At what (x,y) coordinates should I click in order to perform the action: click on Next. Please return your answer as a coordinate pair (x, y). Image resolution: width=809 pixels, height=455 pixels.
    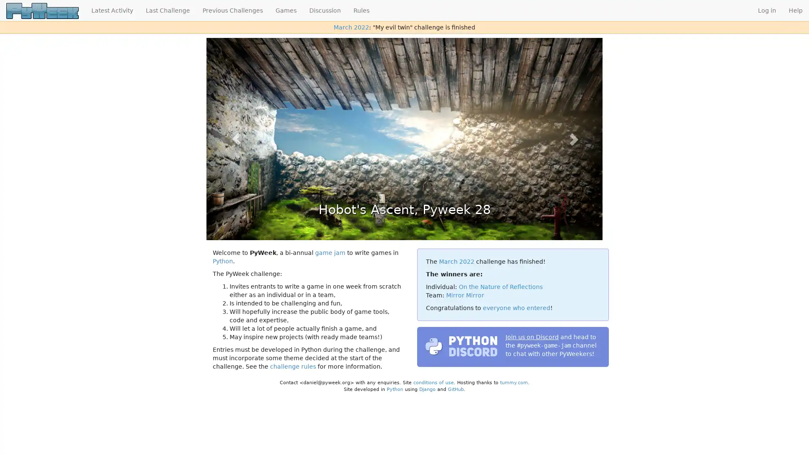
    Looking at the image, I should click on (573, 139).